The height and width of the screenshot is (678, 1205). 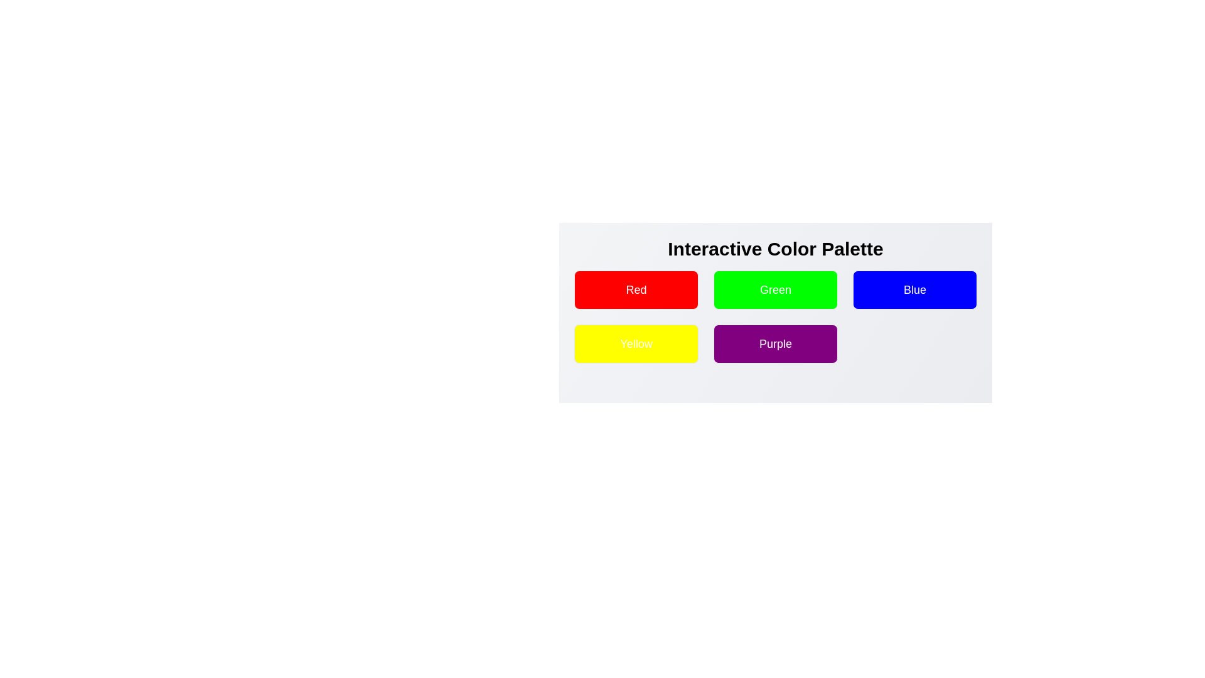 I want to click on the color selection button for yellow, located in the second row and first column of the button grid, beneath the red button labeled 'Red', so click(x=636, y=343).